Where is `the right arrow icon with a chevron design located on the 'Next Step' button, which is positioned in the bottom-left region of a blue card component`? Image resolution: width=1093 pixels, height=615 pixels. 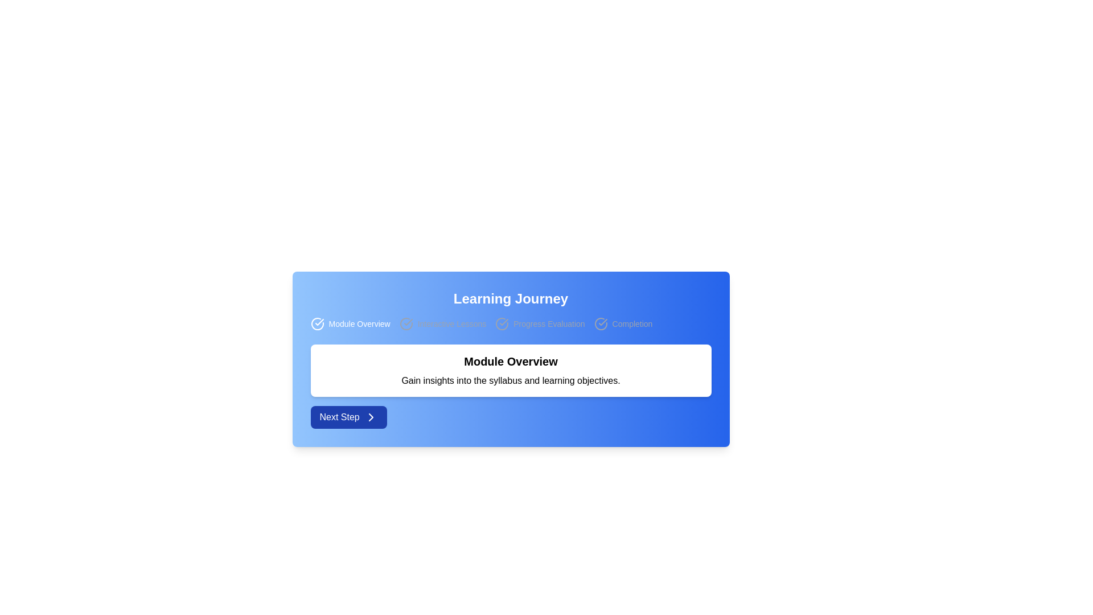
the right arrow icon with a chevron design located on the 'Next Step' button, which is positioned in the bottom-left region of a blue card component is located at coordinates (371, 417).